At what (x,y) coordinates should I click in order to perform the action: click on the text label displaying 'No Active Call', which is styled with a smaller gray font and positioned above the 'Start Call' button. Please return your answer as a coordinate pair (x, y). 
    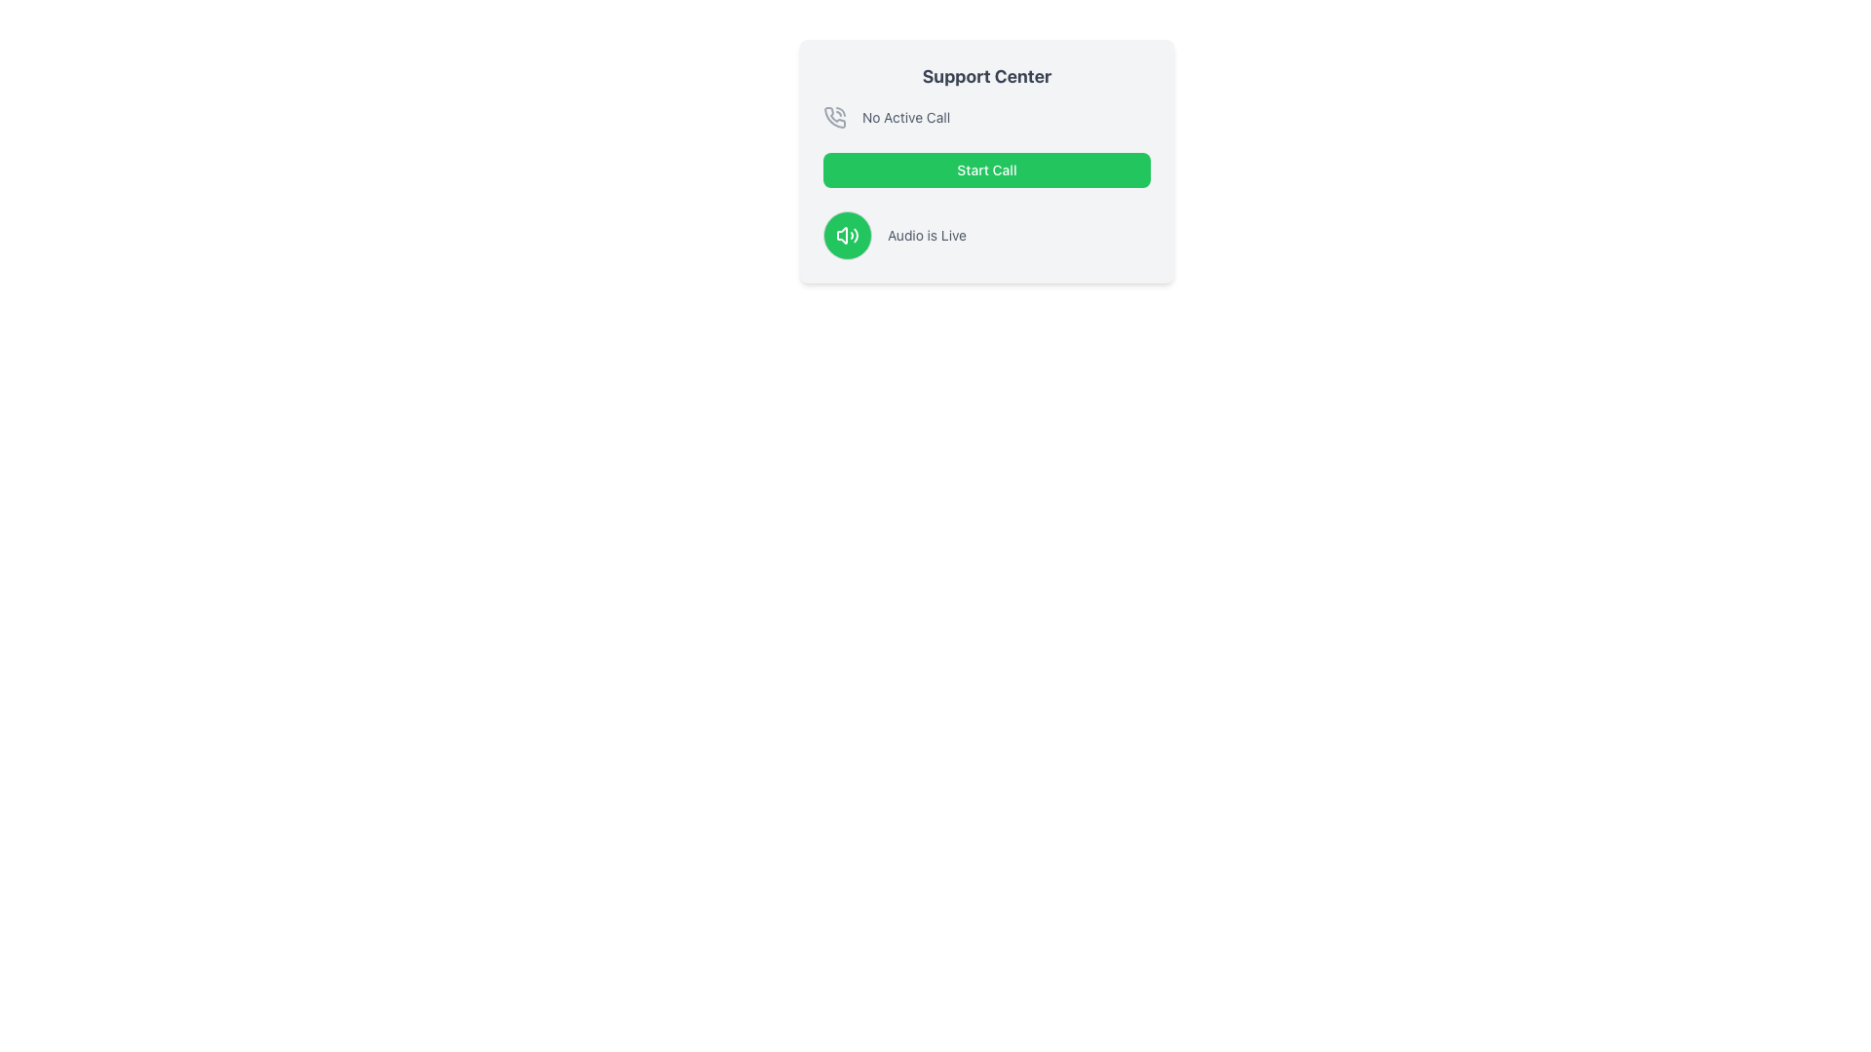
    Looking at the image, I should click on (905, 117).